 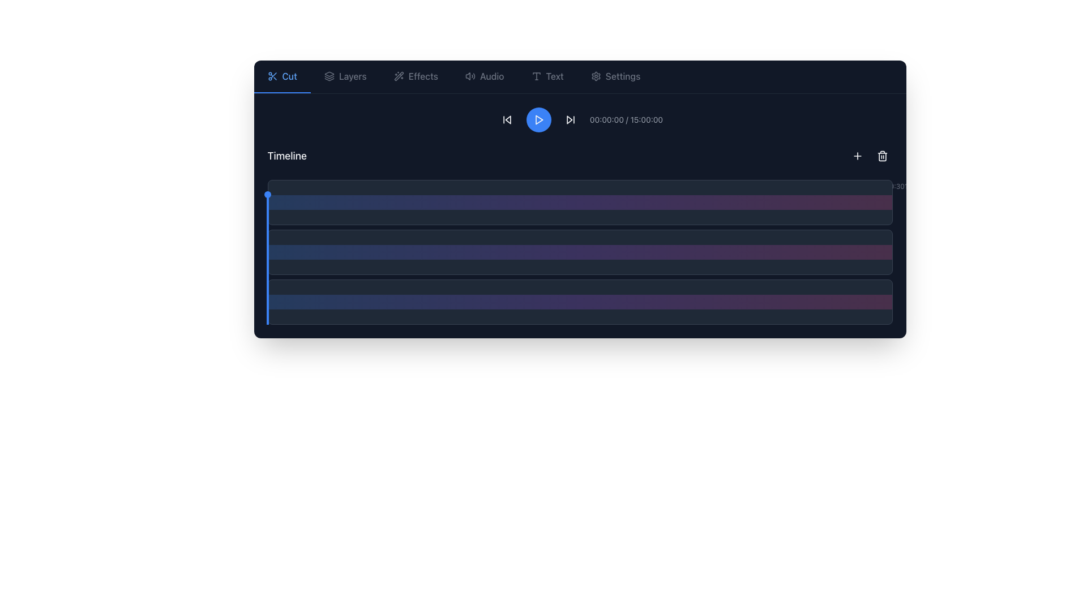 I want to click on the 'wand and sparkles' SVG icon located in the upper control area, so click(x=399, y=76).